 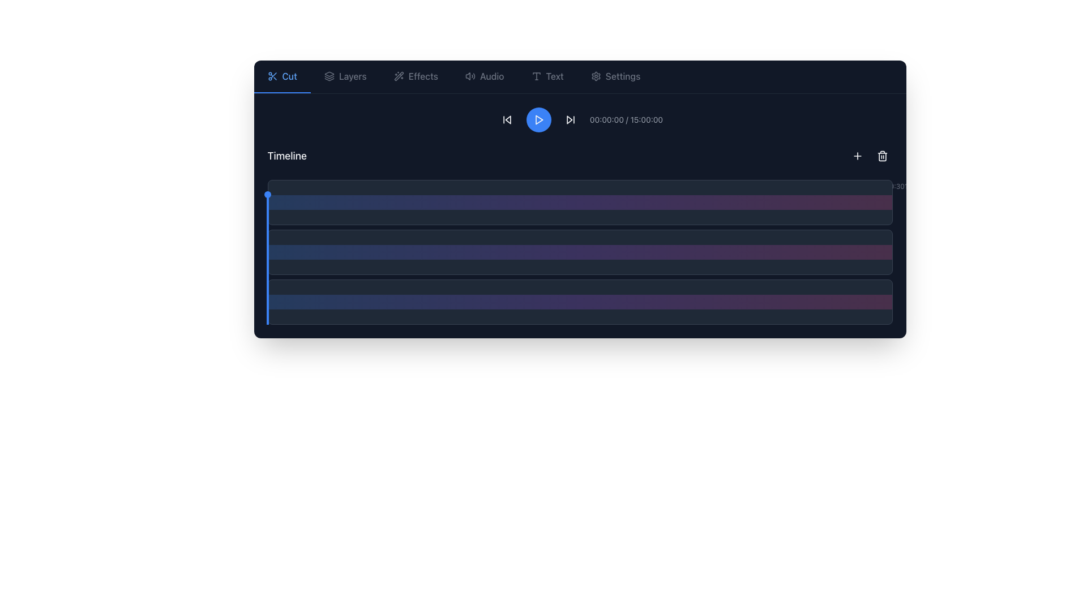 I want to click on the 'wand and sparkles' SVG icon located in the upper control area, so click(x=399, y=76).